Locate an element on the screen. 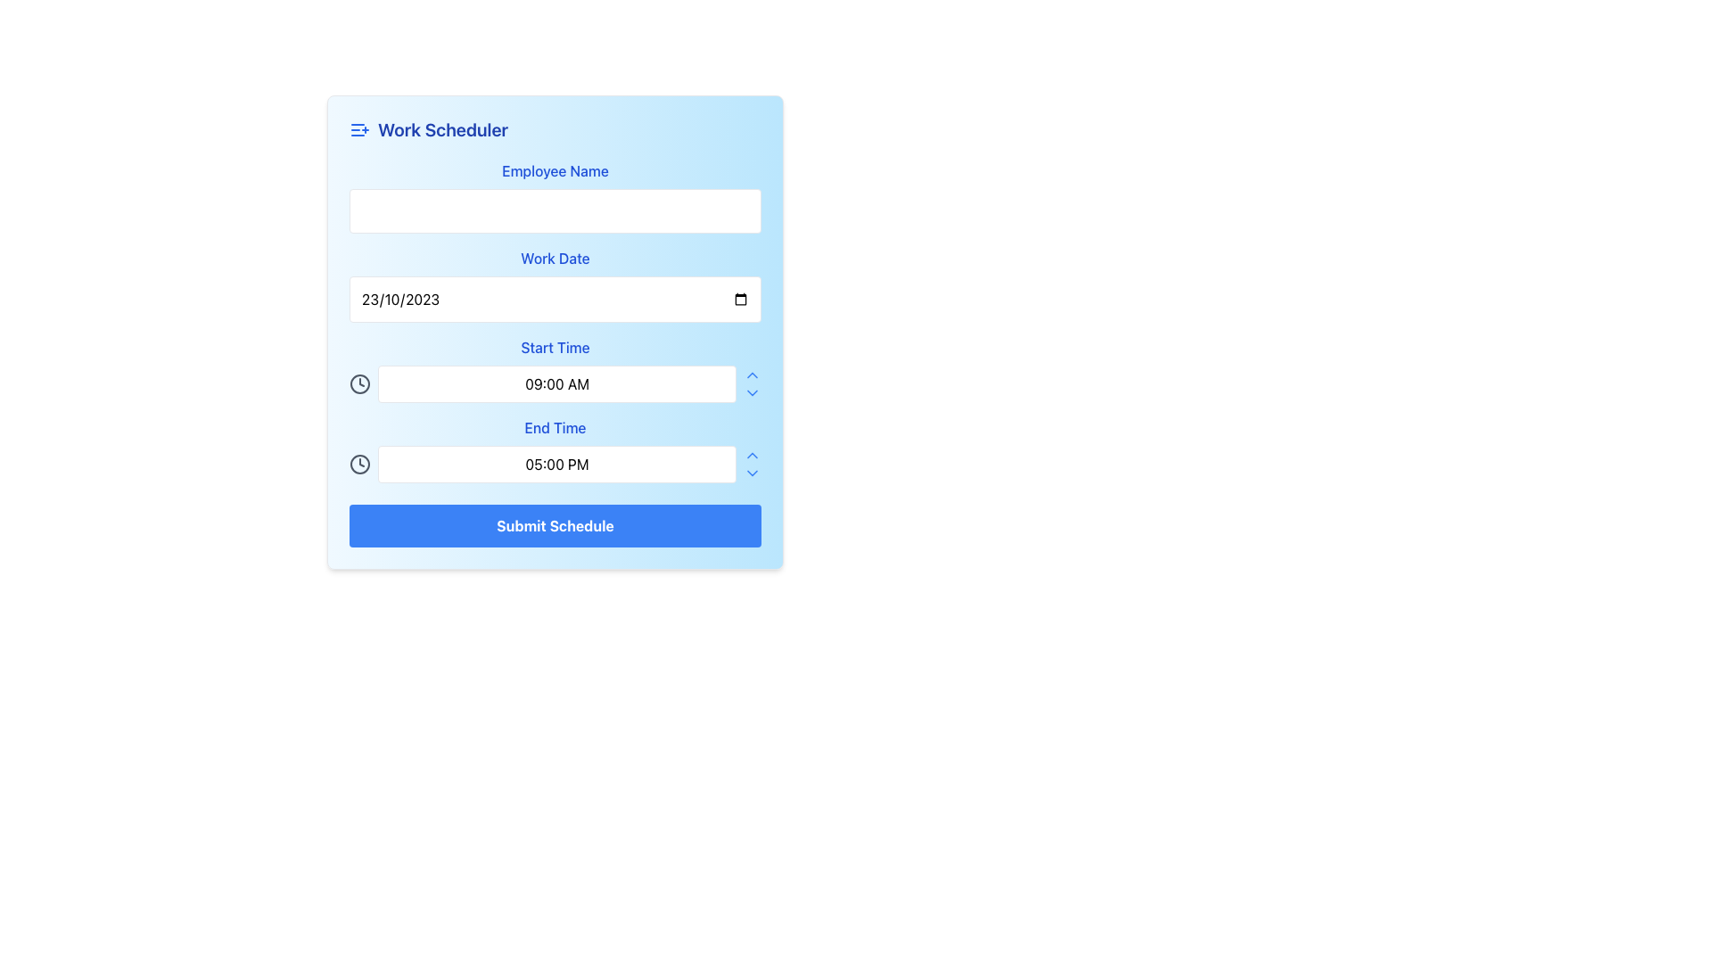 The image size is (1712, 963). the third text label in the 'Work Scheduler' section, which describes the purpose of the date input field below it is located at coordinates (555, 258).